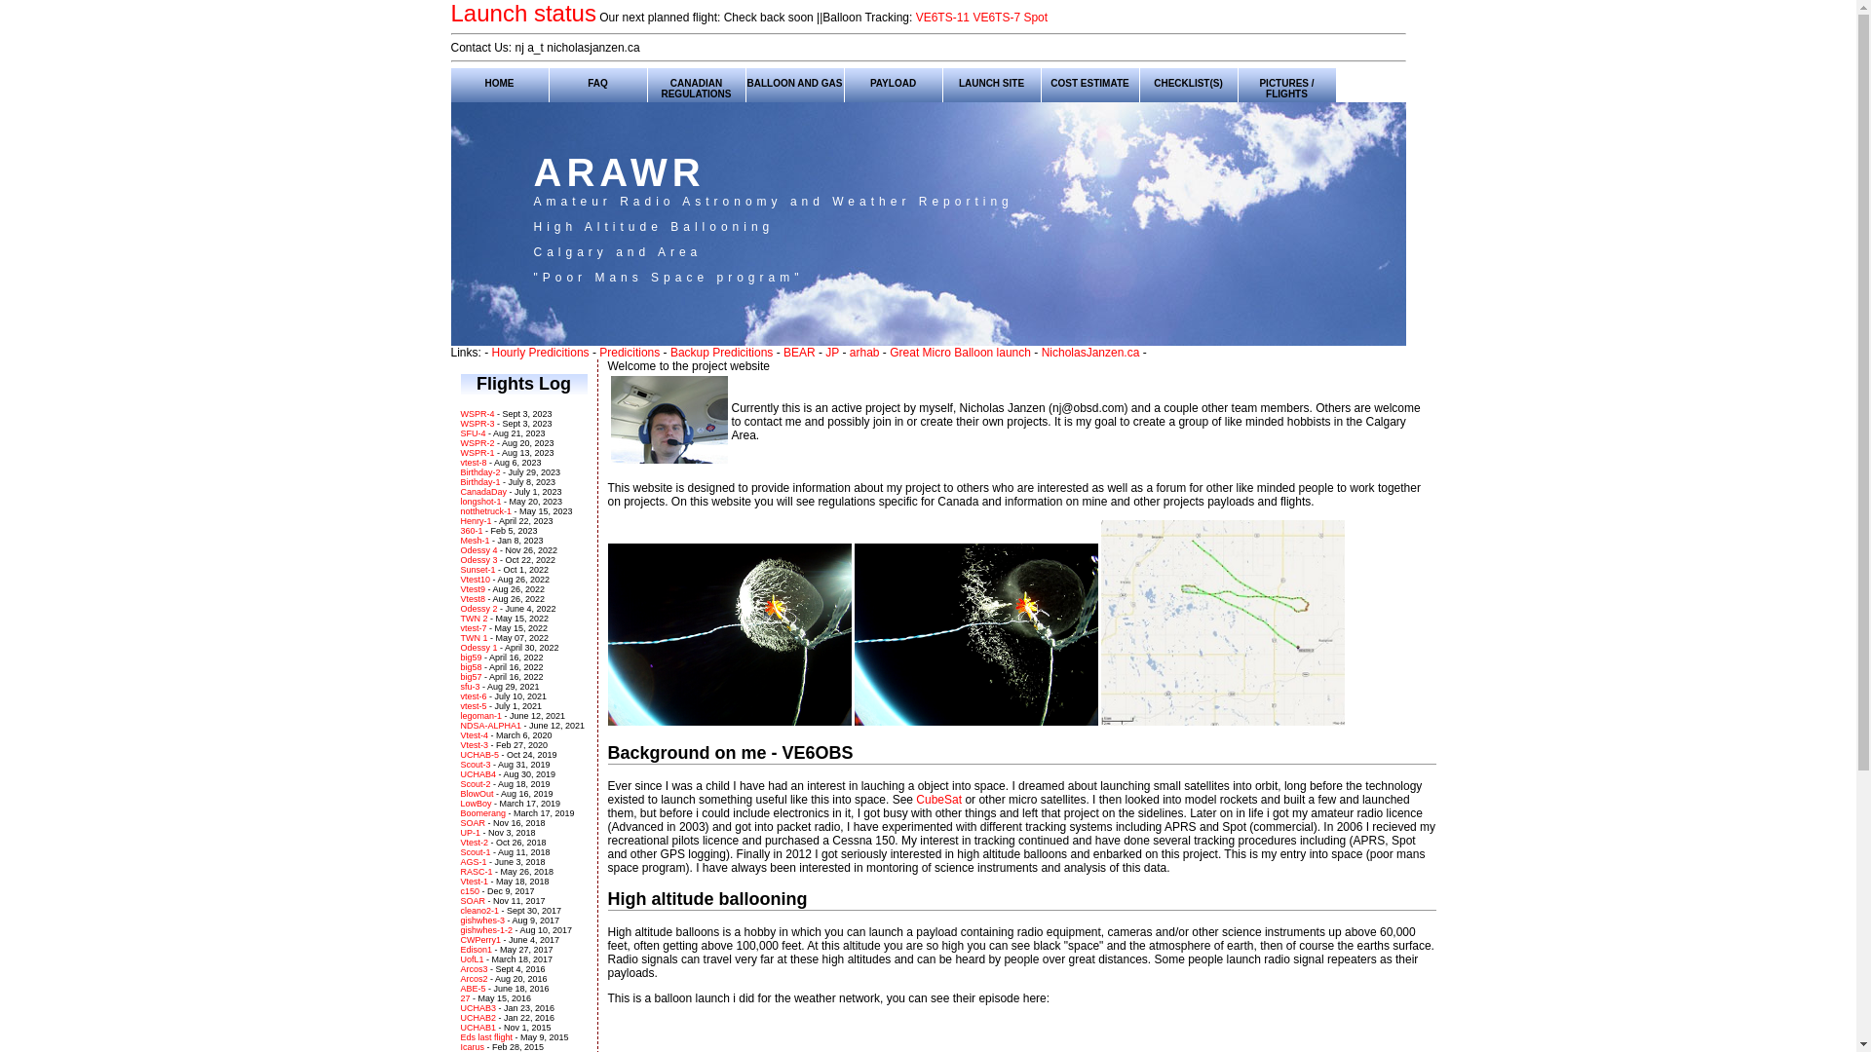  I want to click on 'PICTURES / FLIGHTS', so click(1286, 81).